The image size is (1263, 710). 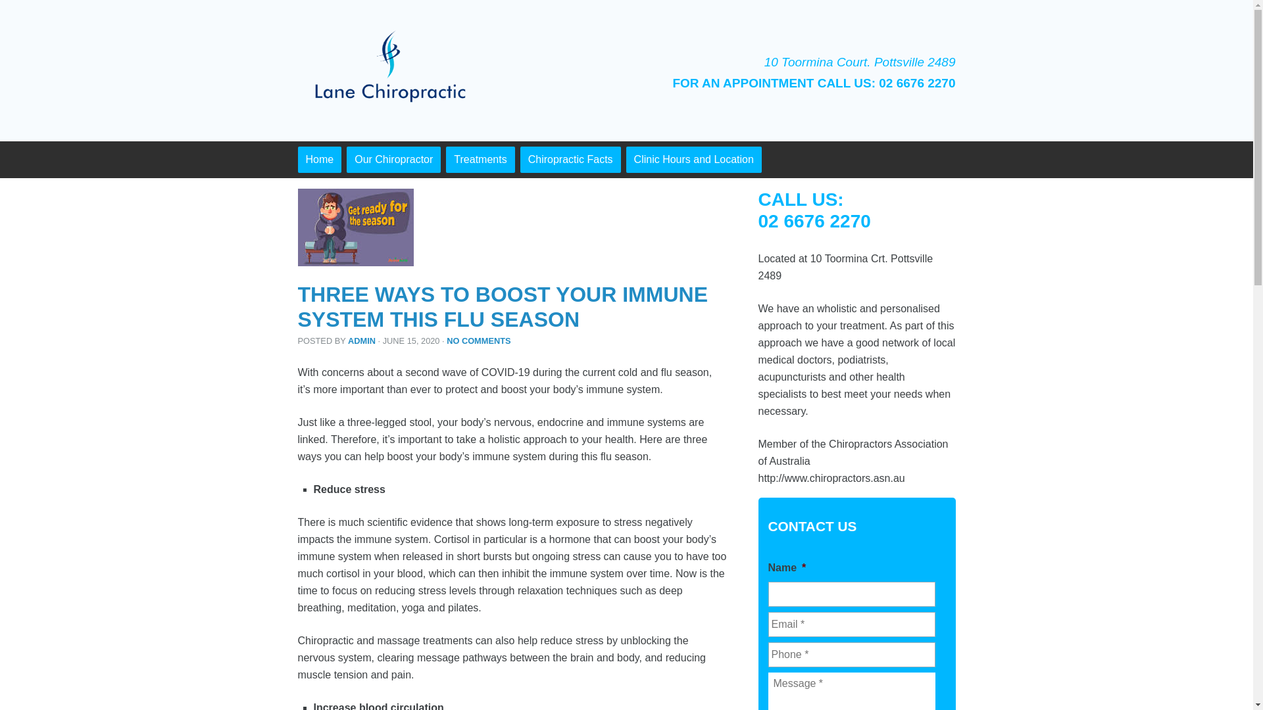 What do you see at coordinates (570, 159) in the screenshot?
I see `'Chiropractic Facts'` at bounding box center [570, 159].